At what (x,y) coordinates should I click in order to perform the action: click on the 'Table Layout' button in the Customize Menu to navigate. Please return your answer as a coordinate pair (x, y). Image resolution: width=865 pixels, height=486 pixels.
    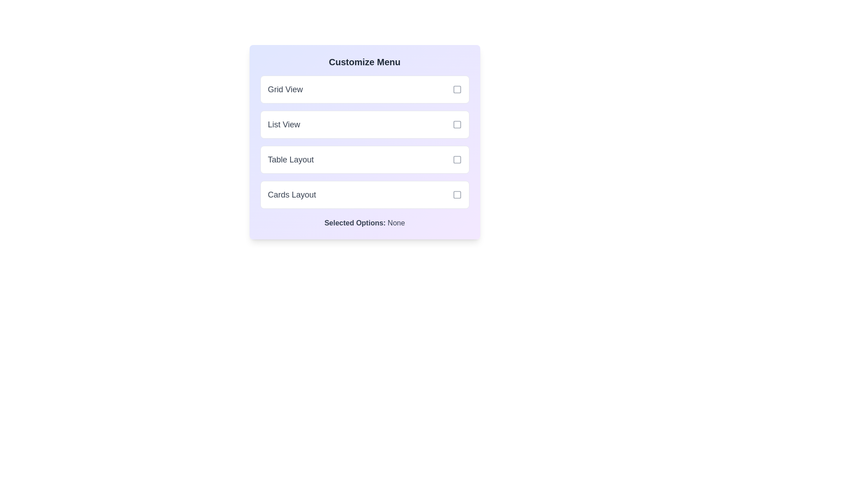
    Looking at the image, I should click on (364, 142).